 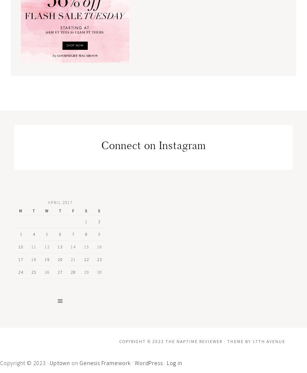 I want to click on 'on', so click(x=74, y=362).